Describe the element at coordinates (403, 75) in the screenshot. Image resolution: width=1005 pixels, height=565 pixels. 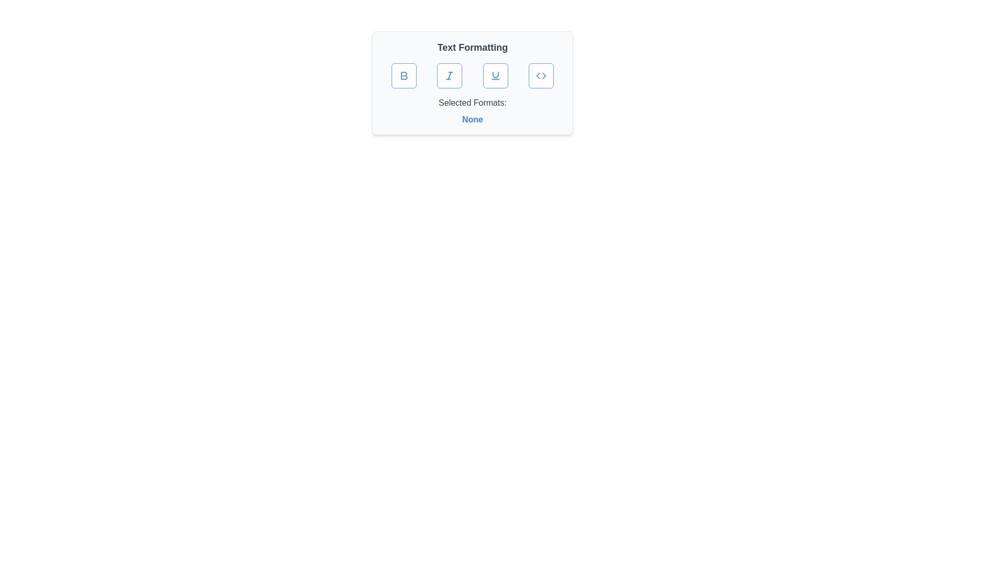
I see `the bold formatting button to toggle its state` at that location.